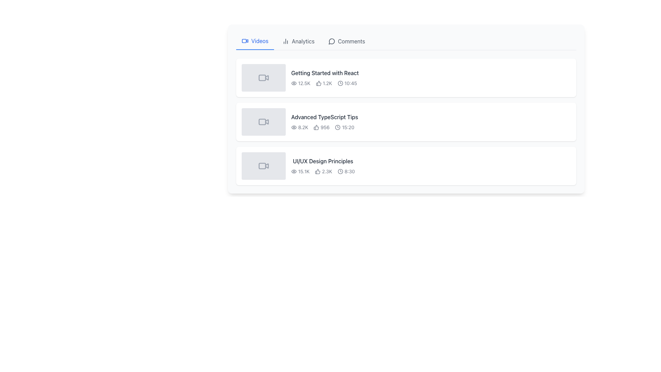  Describe the element at coordinates (318, 83) in the screenshot. I see `the 'like' icon located to the immediate left of the '1.2K' text value` at that location.